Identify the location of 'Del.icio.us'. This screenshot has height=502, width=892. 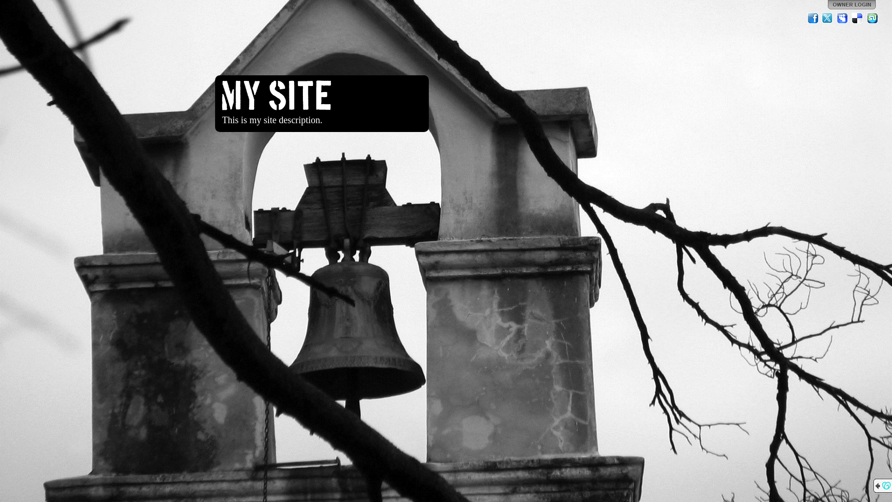
(857, 18).